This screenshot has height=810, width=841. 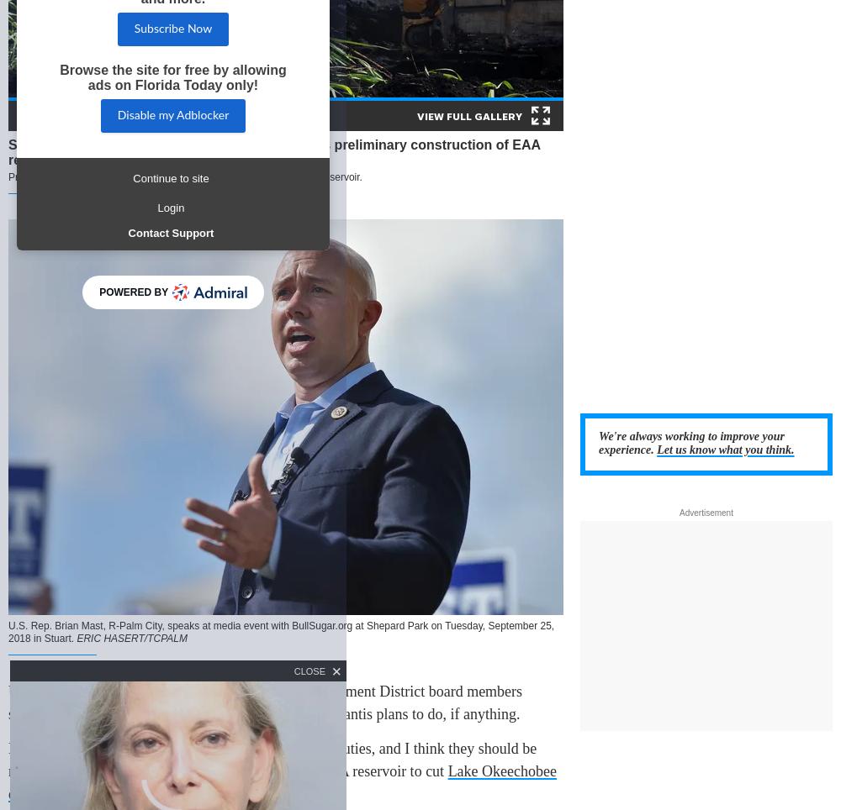 I want to click on 'Browse the site for free by allowing ads on Florida Today only!', so click(x=172, y=76).